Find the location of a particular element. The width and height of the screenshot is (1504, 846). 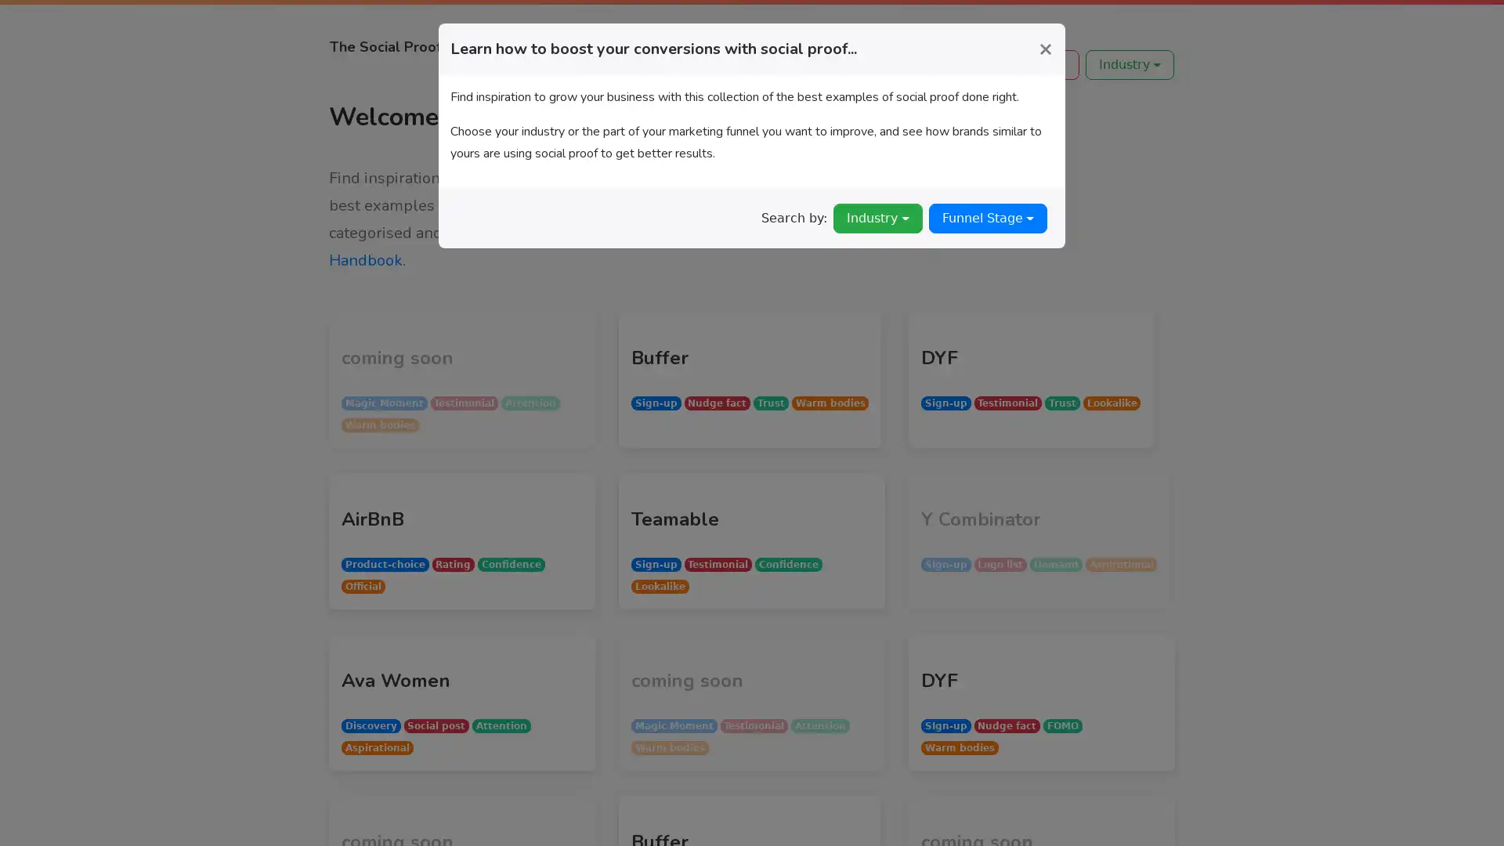

Close is located at coordinates (1045, 47).